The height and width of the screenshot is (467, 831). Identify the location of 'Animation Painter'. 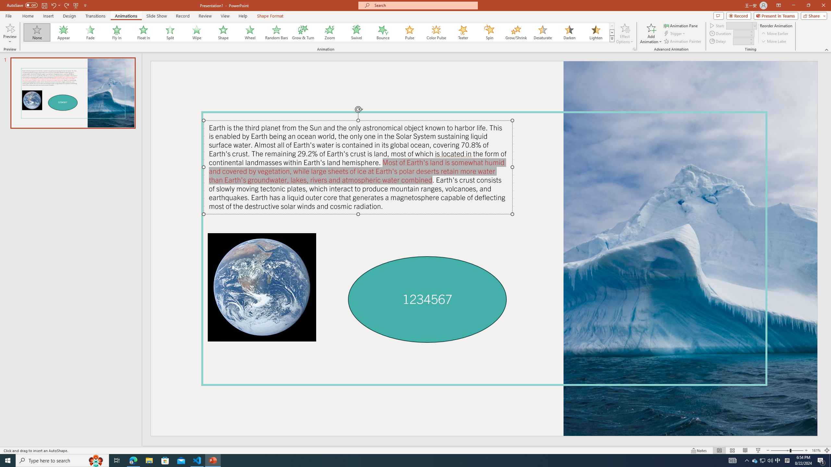
(683, 41).